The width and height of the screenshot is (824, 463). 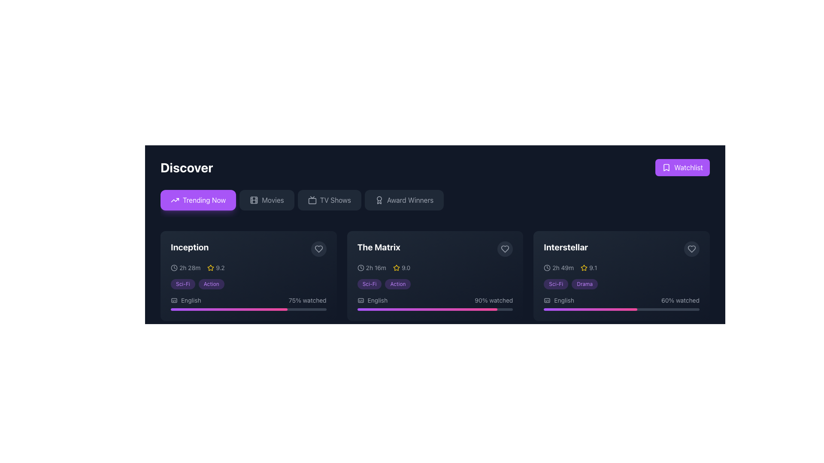 What do you see at coordinates (401, 267) in the screenshot?
I see `the Rating Display element that indicates the rating value (9.0) for 'The Matrix', which is centrally located below the title and to the right of the runtime information '2h 16m'` at bounding box center [401, 267].